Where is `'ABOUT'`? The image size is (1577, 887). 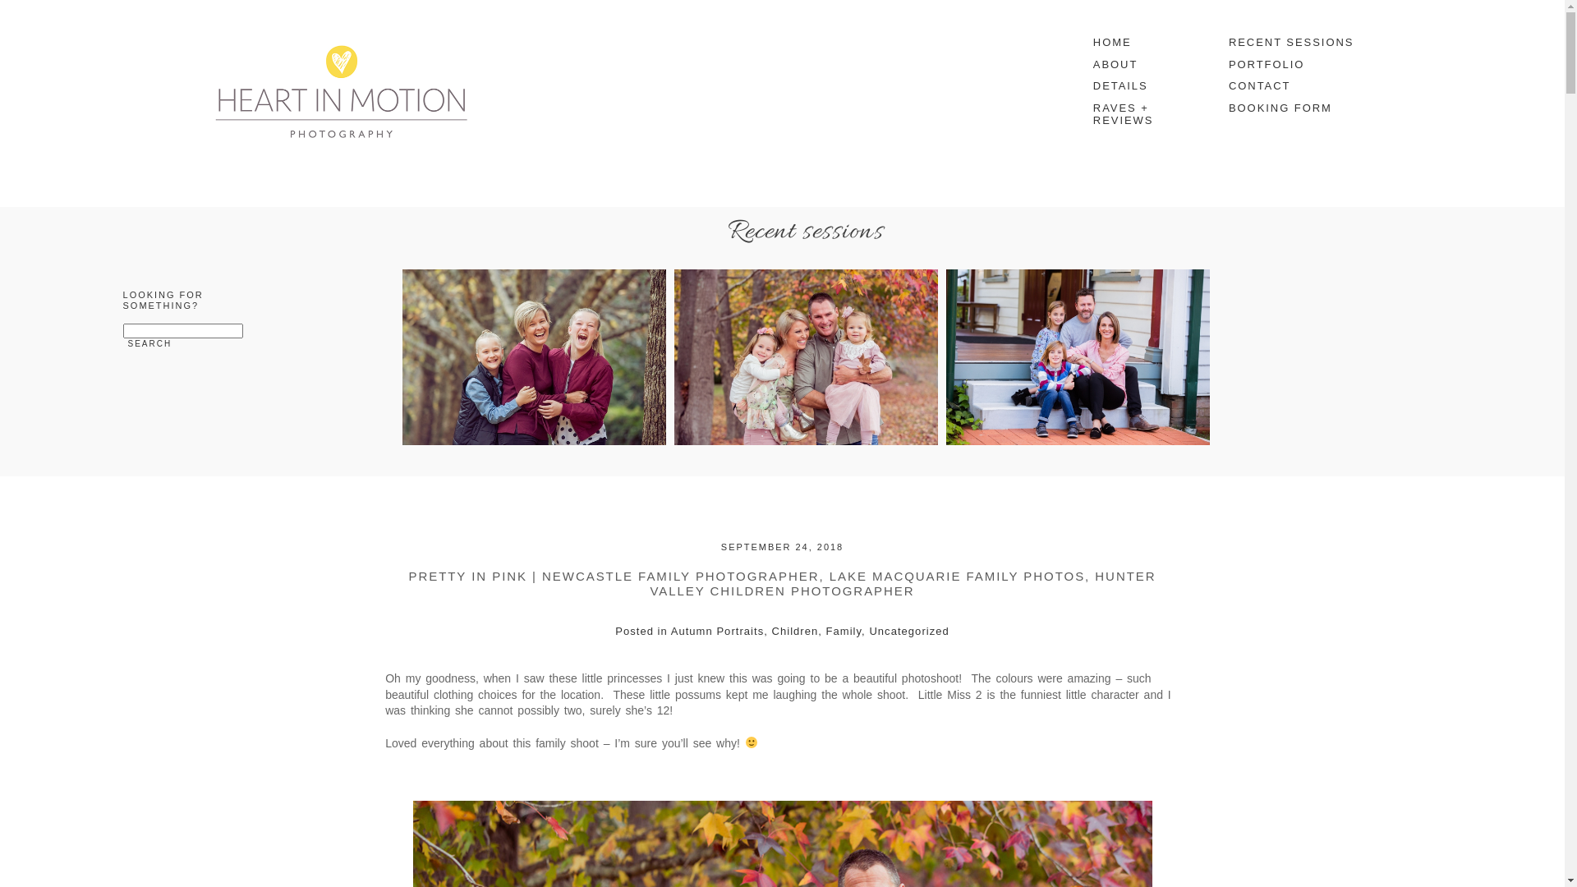 'ABOUT' is located at coordinates (1142, 64).